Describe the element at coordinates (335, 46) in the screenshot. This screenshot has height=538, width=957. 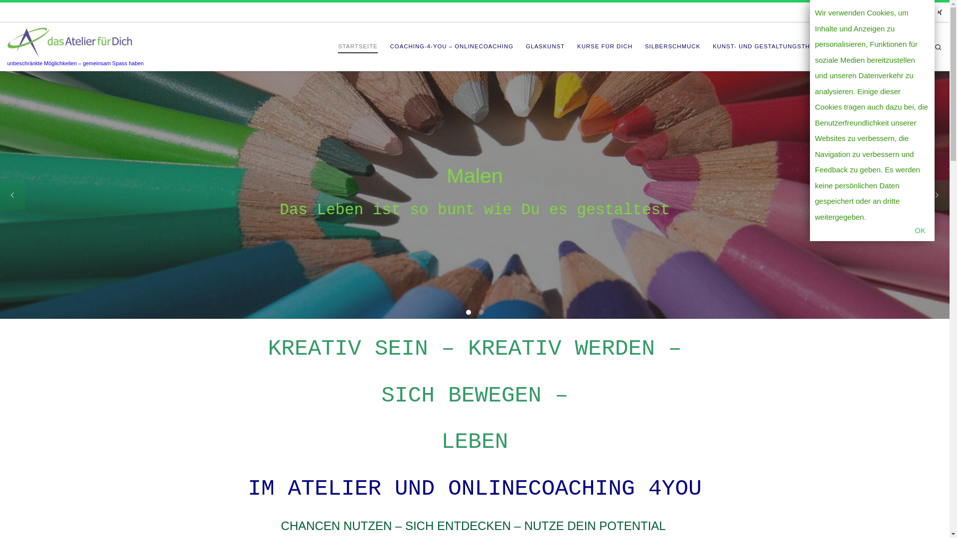
I see `'STARTSEITE'` at that location.